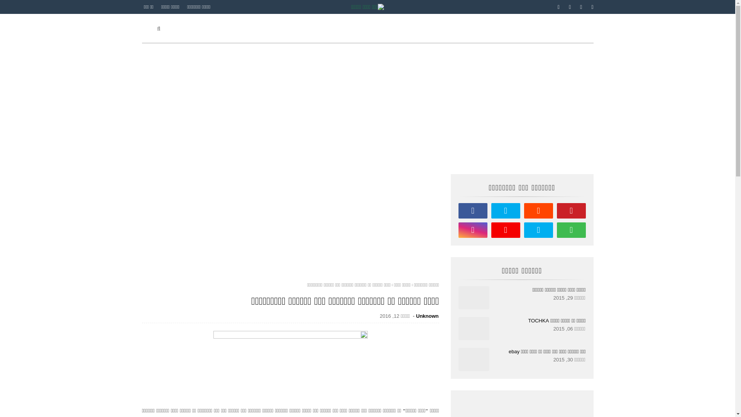  Describe the element at coordinates (538, 211) in the screenshot. I see `'reddit'` at that location.